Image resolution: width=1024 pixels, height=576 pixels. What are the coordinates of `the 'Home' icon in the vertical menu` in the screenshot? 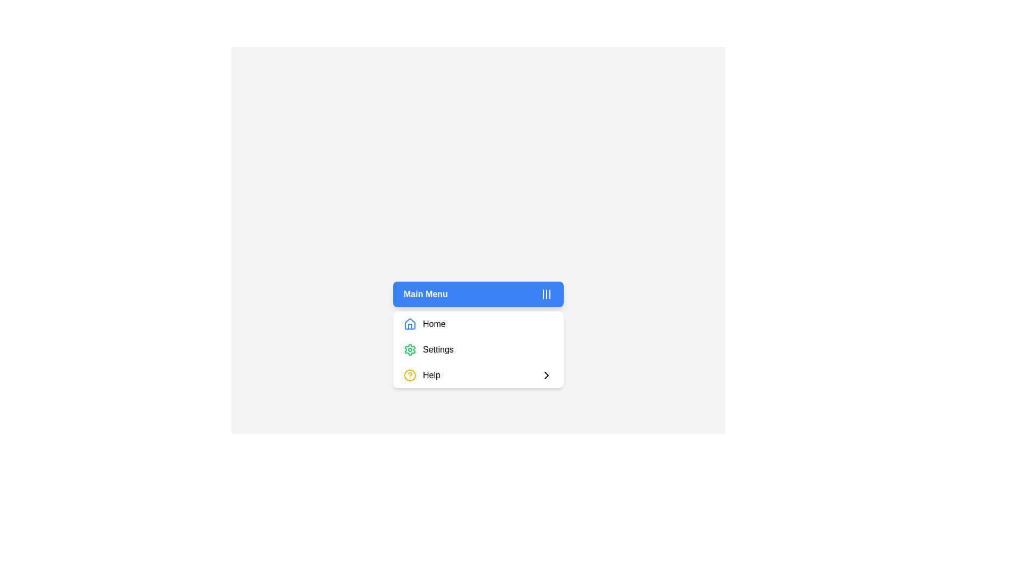 It's located at (409, 324).